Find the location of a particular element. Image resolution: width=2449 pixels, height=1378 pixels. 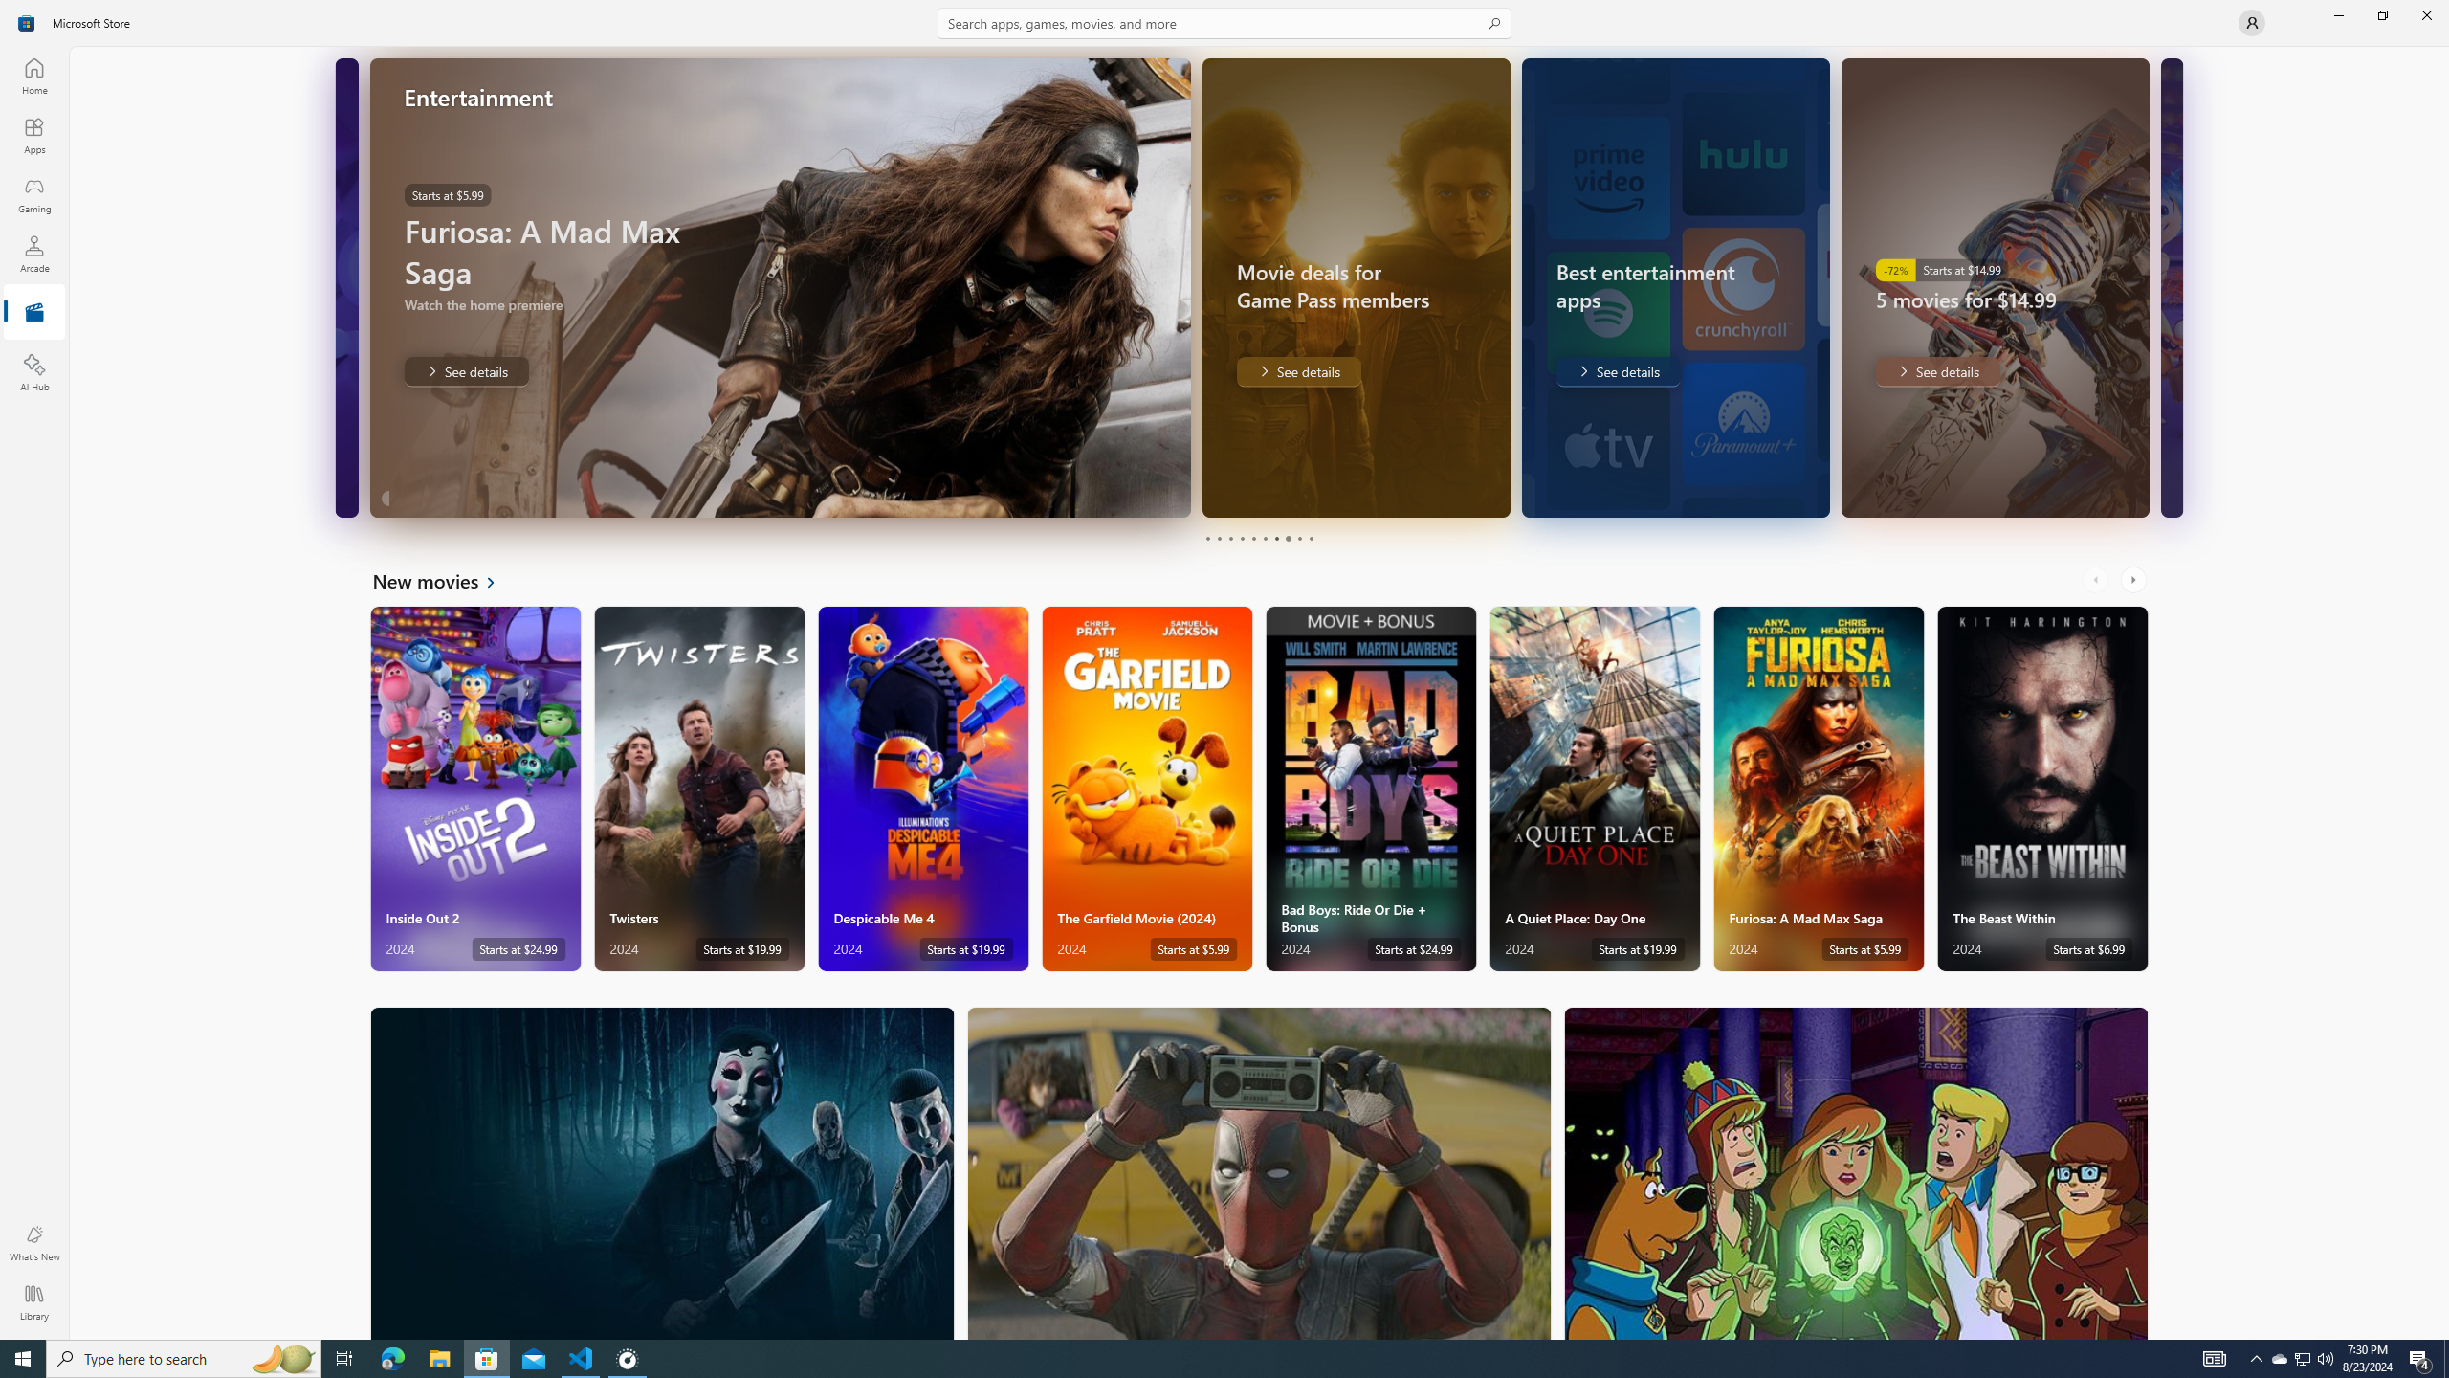

'Page 6' is located at coordinates (1264, 538).